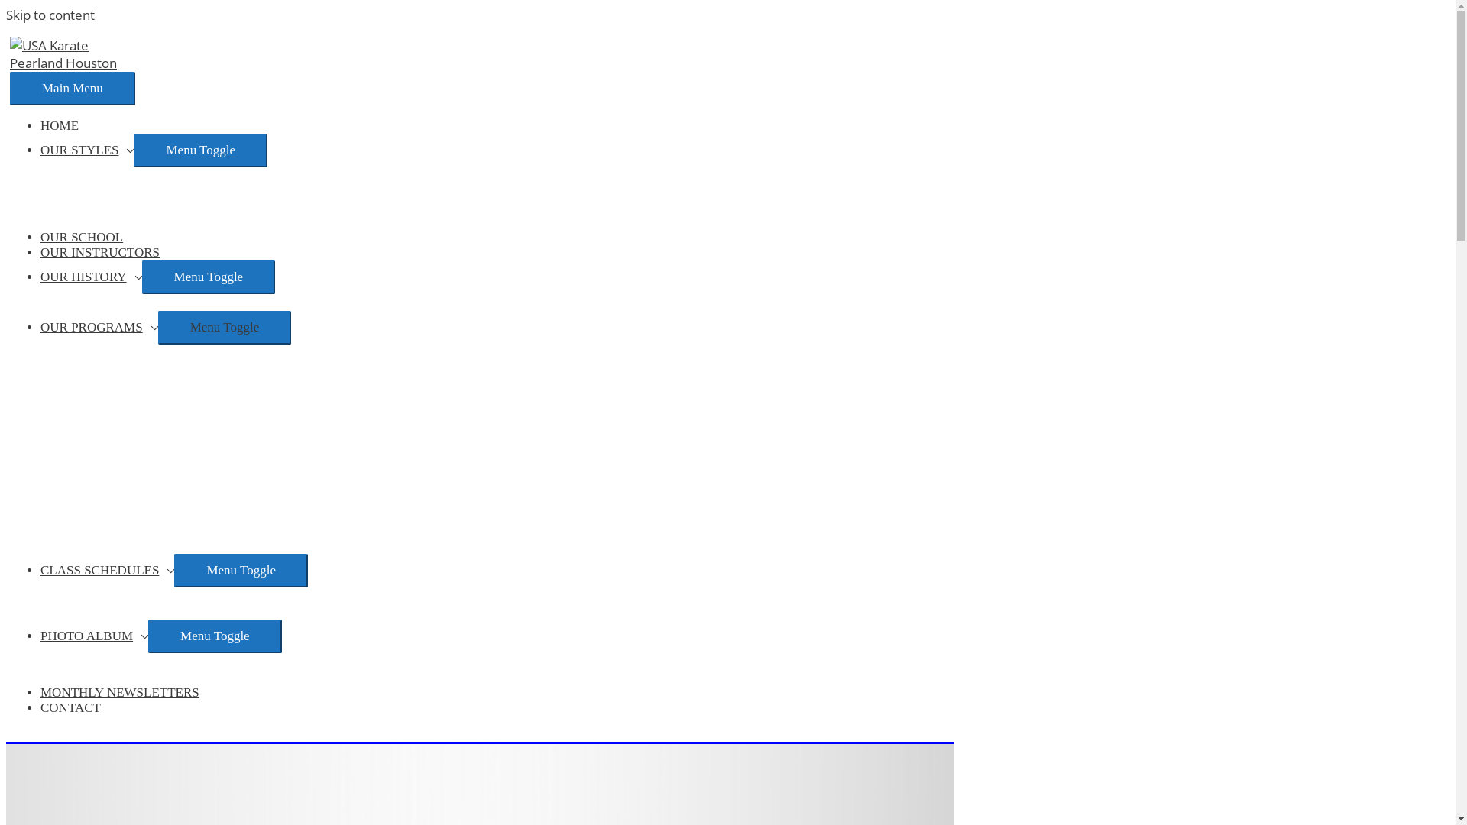 The width and height of the screenshot is (1467, 825). What do you see at coordinates (214, 636) in the screenshot?
I see `'Menu Toggle'` at bounding box center [214, 636].